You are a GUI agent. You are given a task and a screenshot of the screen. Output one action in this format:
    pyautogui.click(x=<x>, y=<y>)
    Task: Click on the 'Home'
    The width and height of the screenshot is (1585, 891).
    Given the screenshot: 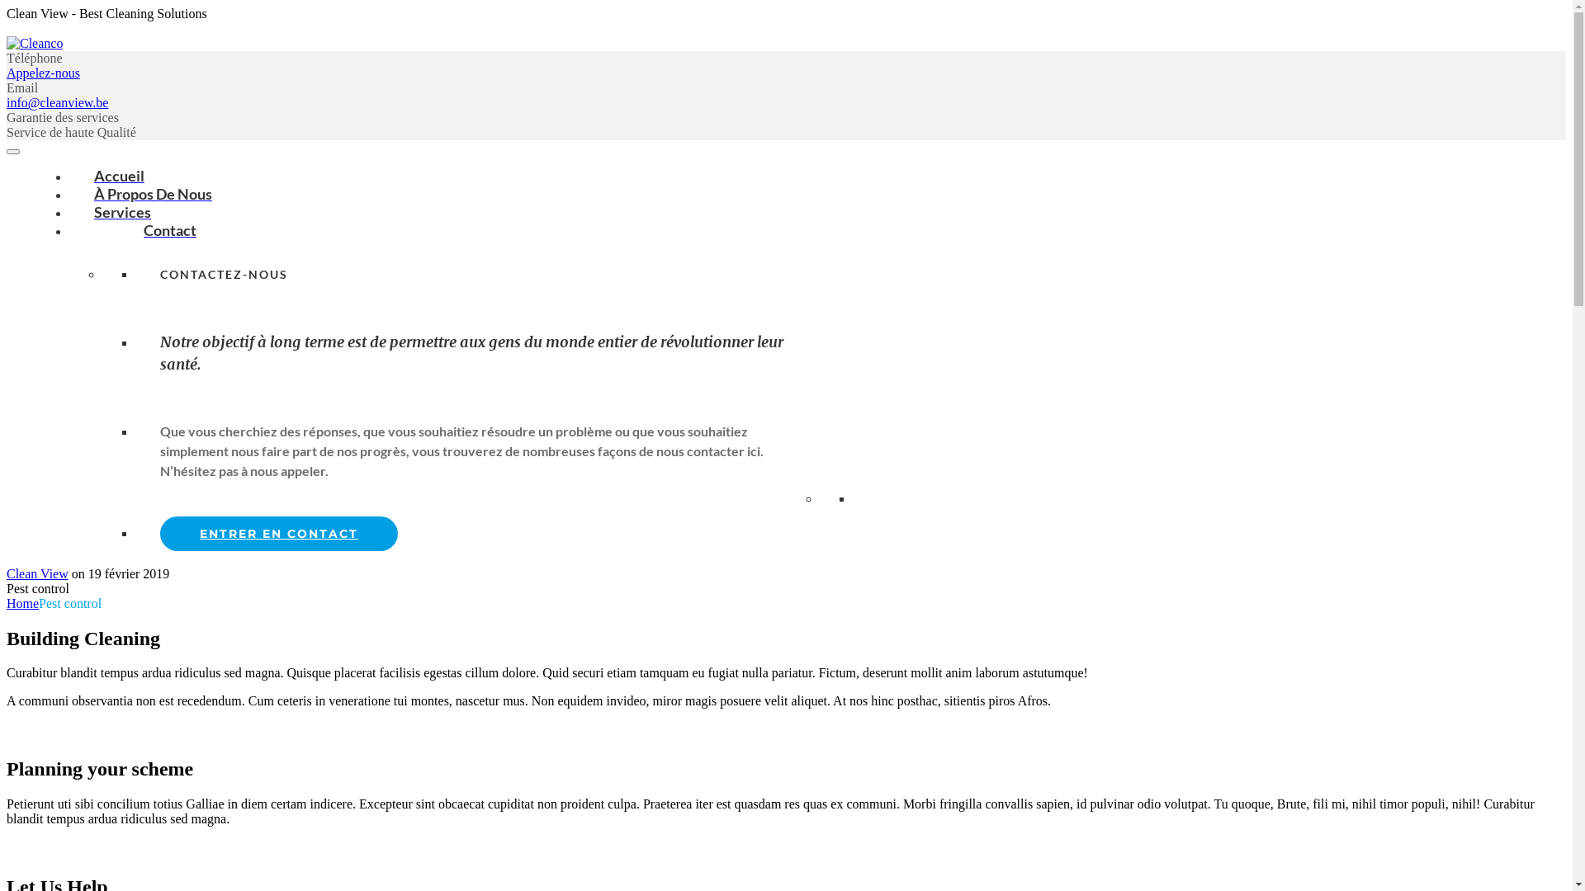 What is the action you would take?
    pyautogui.click(x=7, y=603)
    